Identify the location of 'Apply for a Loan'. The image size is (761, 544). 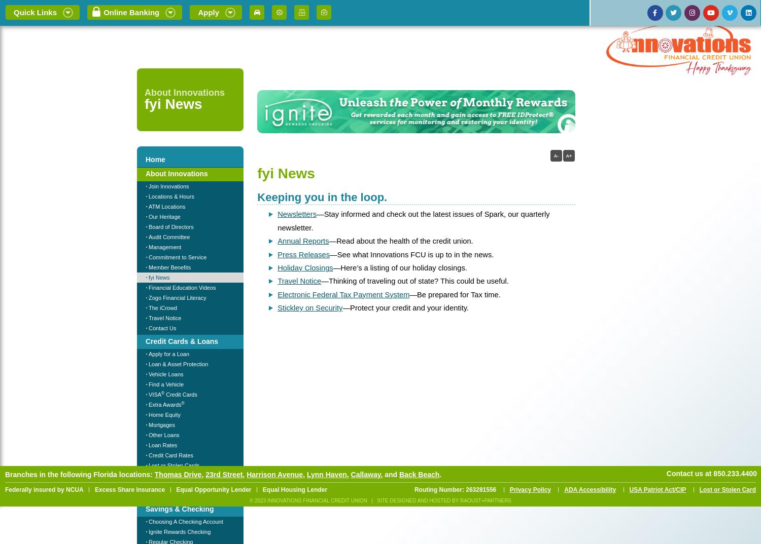
(168, 353).